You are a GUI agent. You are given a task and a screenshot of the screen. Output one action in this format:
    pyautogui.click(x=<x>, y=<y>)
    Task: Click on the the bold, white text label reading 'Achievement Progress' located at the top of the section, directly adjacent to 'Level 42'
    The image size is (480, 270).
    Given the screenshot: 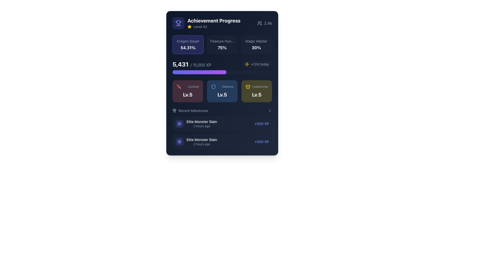 What is the action you would take?
    pyautogui.click(x=214, y=20)
    